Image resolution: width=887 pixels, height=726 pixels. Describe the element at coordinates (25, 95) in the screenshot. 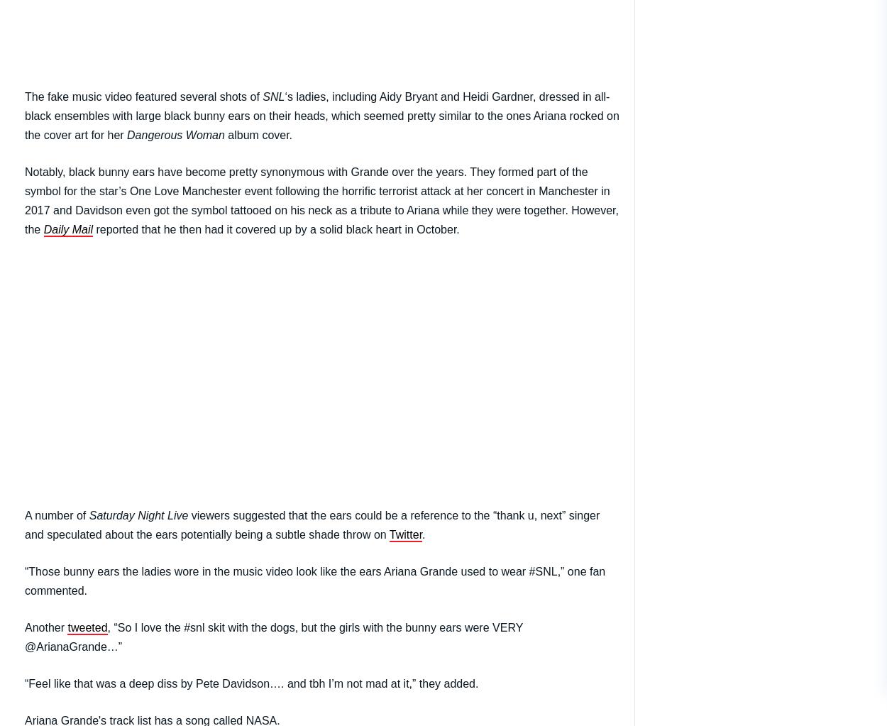

I see `'The fake music video featured several shots of'` at that location.